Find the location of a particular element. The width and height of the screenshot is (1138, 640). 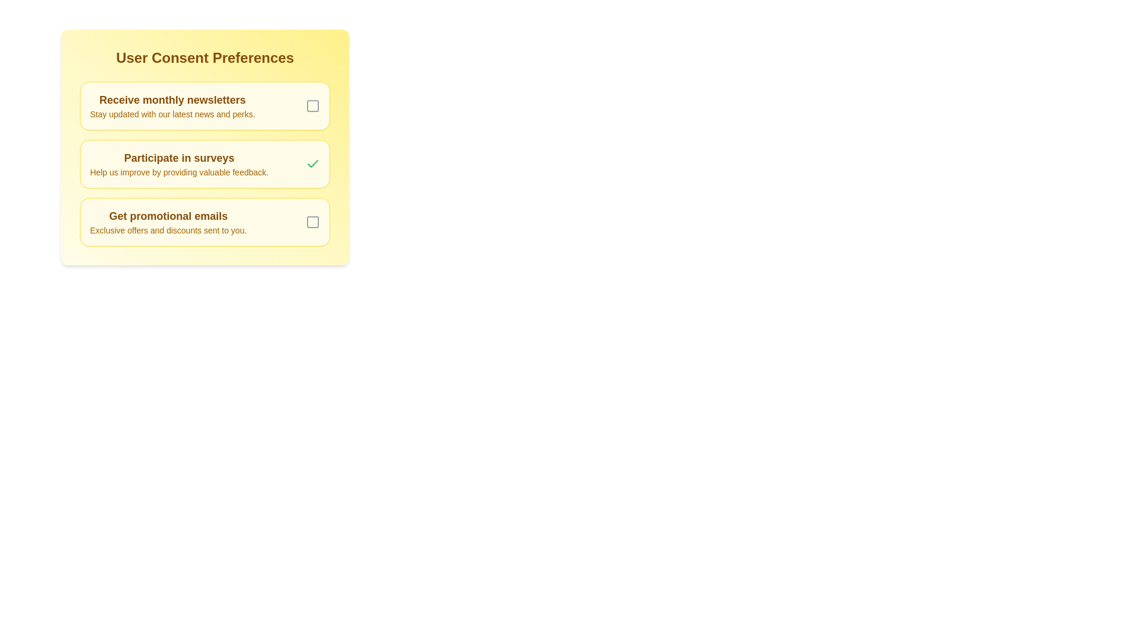

the second OptionItem in the 'User Consent Preferences' box is located at coordinates (204, 147).